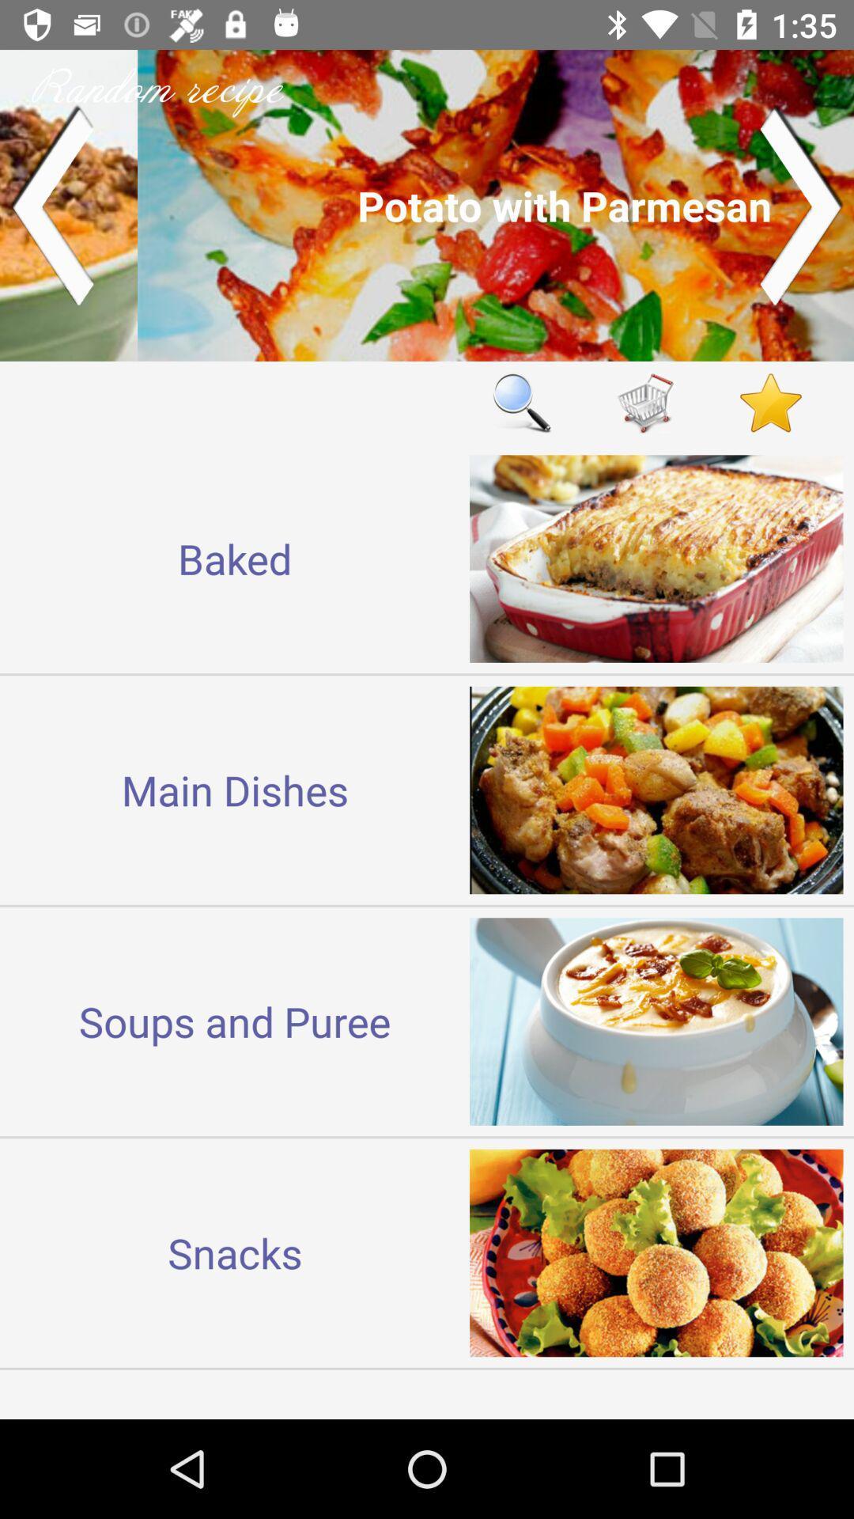 The image size is (854, 1519). What do you see at coordinates (521, 403) in the screenshot?
I see `search` at bounding box center [521, 403].